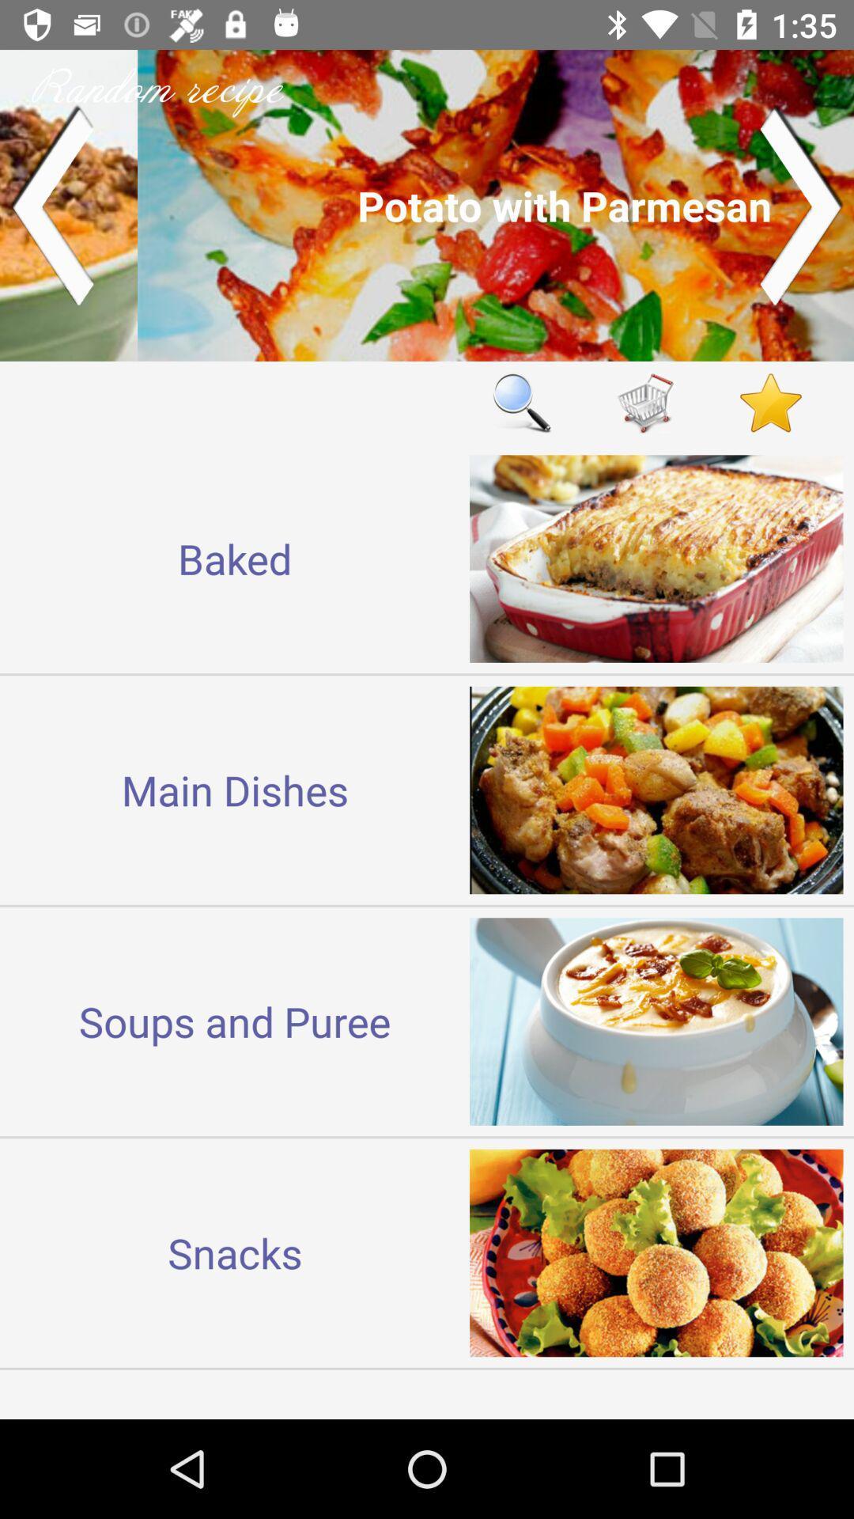 The image size is (854, 1519). What do you see at coordinates (521, 403) in the screenshot?
I see `search` at bounding box center [521, 403].